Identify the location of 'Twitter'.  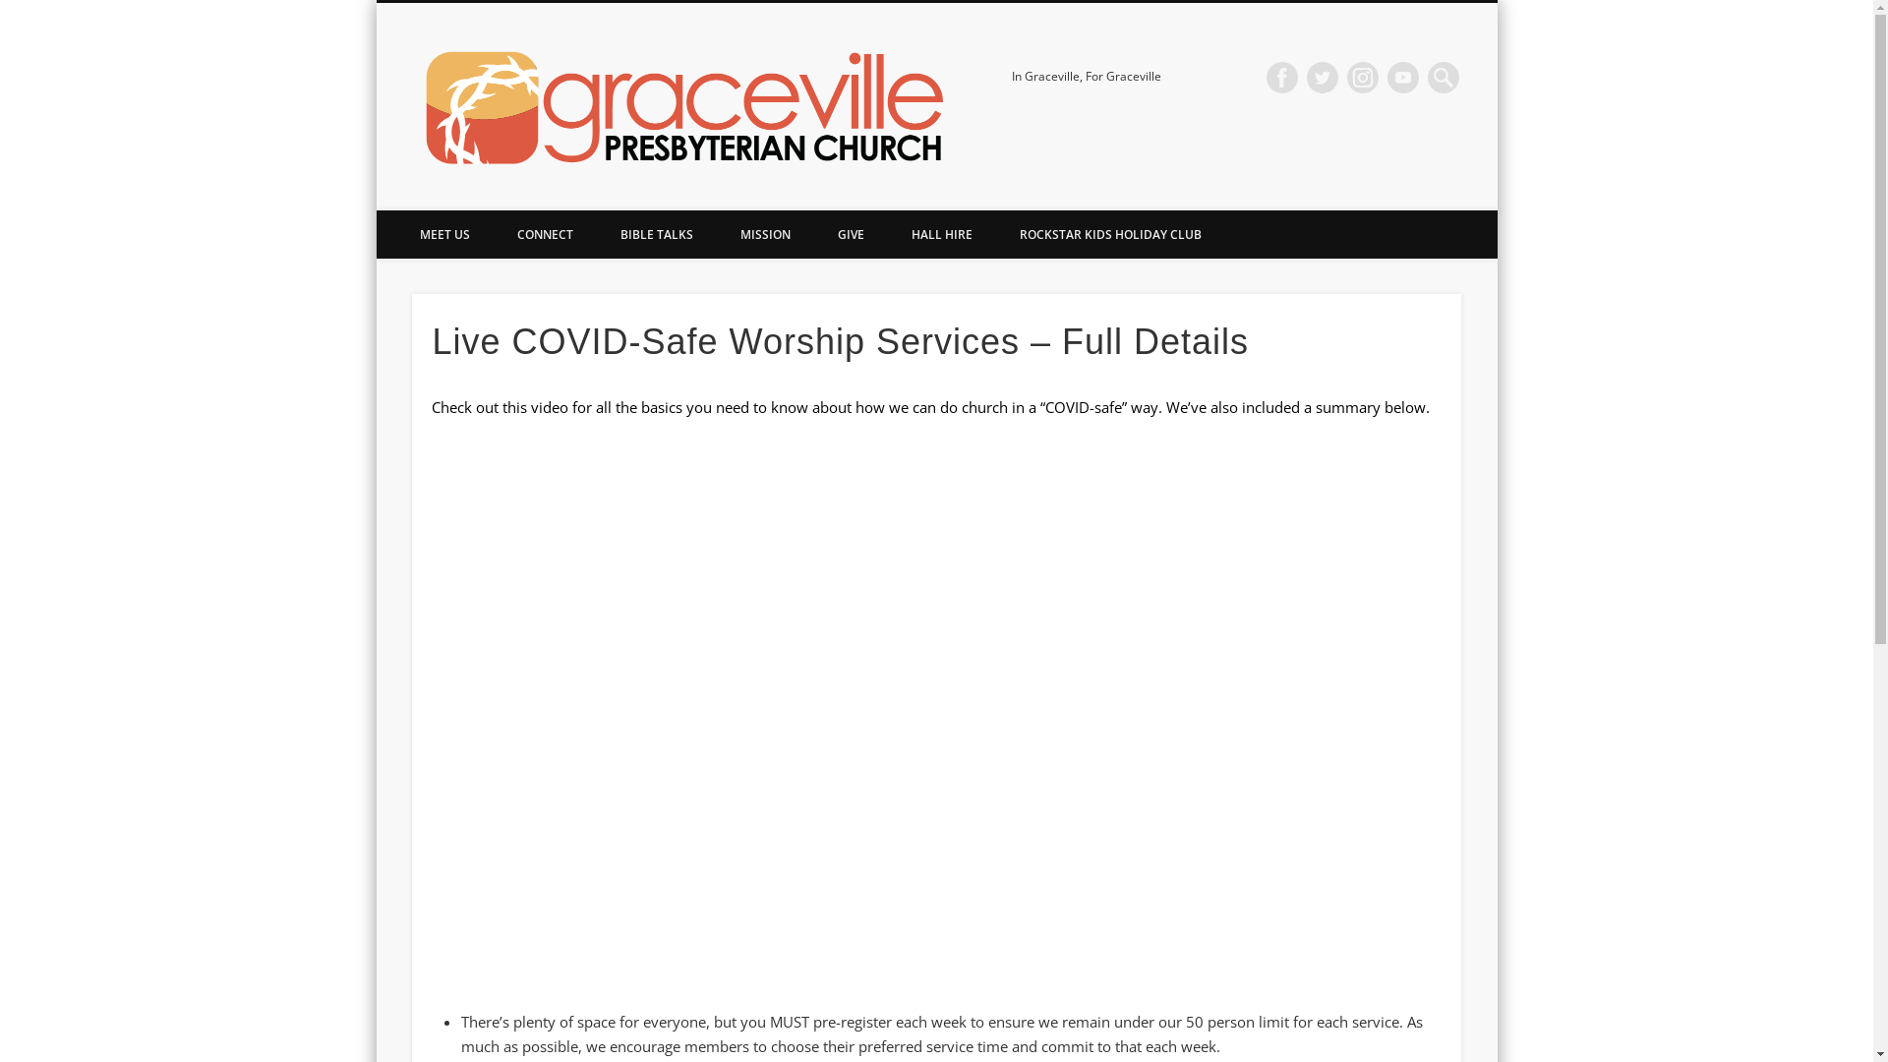
(1322, 76).